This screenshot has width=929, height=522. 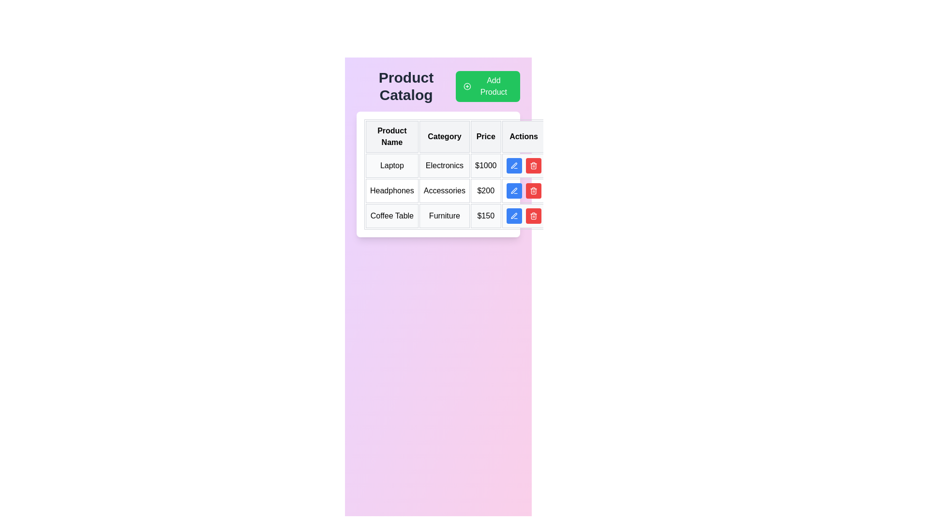 I want to click on the small blue pen icon embedded within the action button in the 'Actions' column of the third row for the 'Coffee Table' product, so click(x=513, y=215).